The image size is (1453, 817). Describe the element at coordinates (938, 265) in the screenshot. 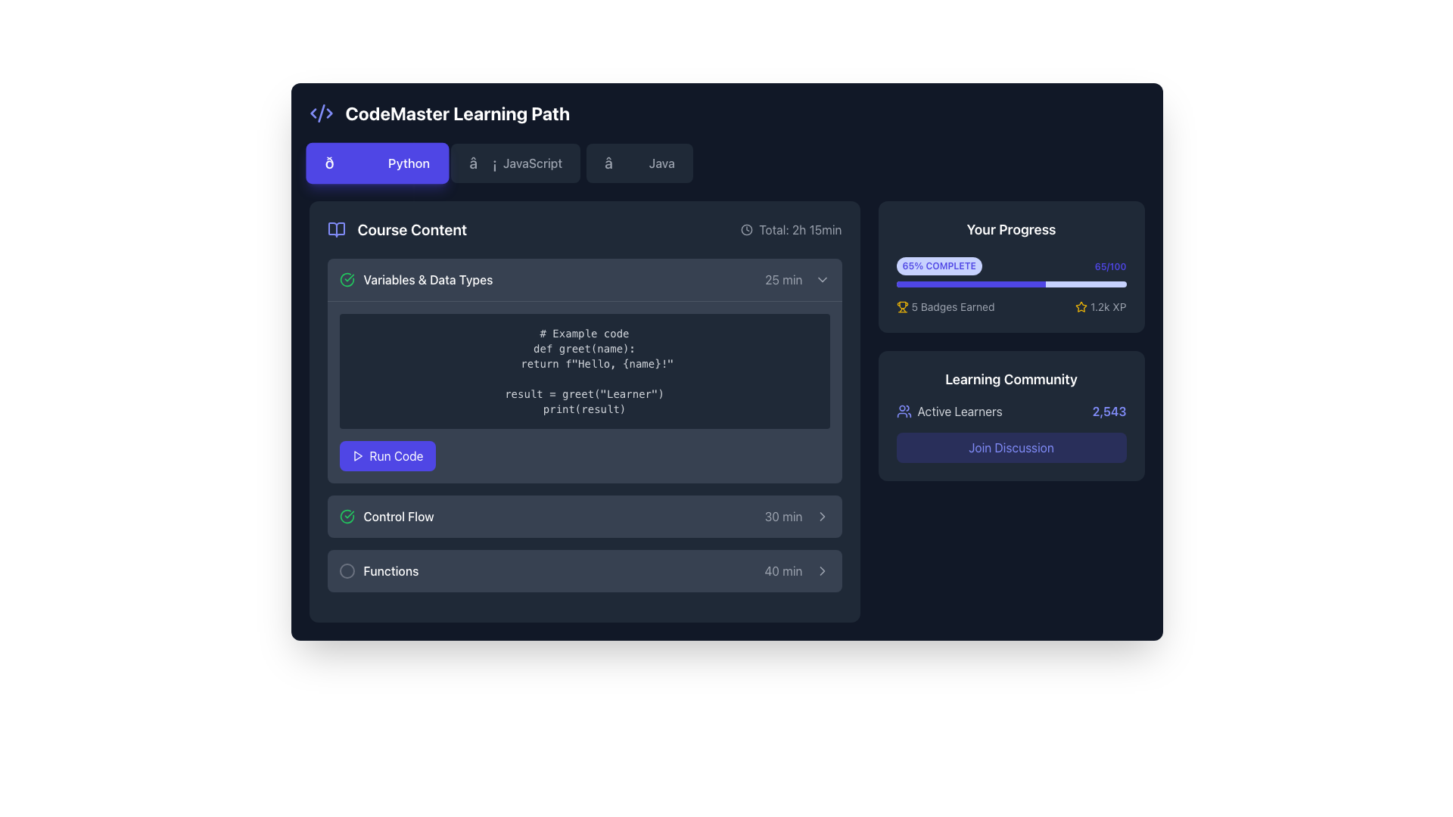

I see `the progress indicator text label located in the 'Your Progress' section, positioned towards the upper-left and aligned with the 65/100 text and progress bar` at that location.